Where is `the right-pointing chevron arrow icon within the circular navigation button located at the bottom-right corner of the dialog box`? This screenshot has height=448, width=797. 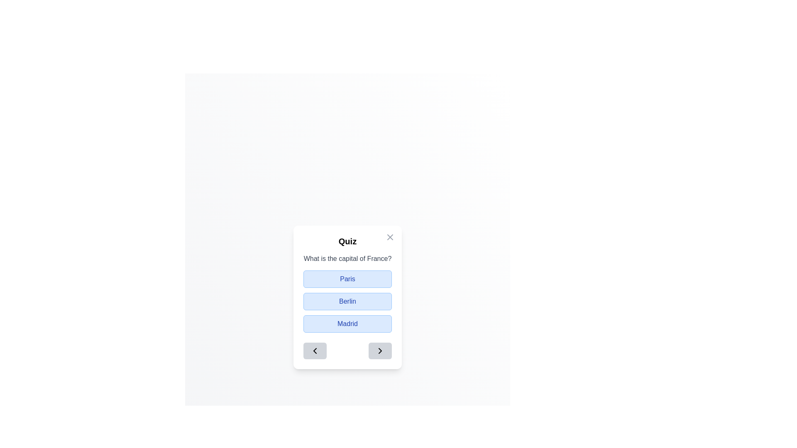 the right-pointing chevron arrow icon within the circular navigation button located at the bottom-right corner of the dialog box is located at coordinates (380, 351).